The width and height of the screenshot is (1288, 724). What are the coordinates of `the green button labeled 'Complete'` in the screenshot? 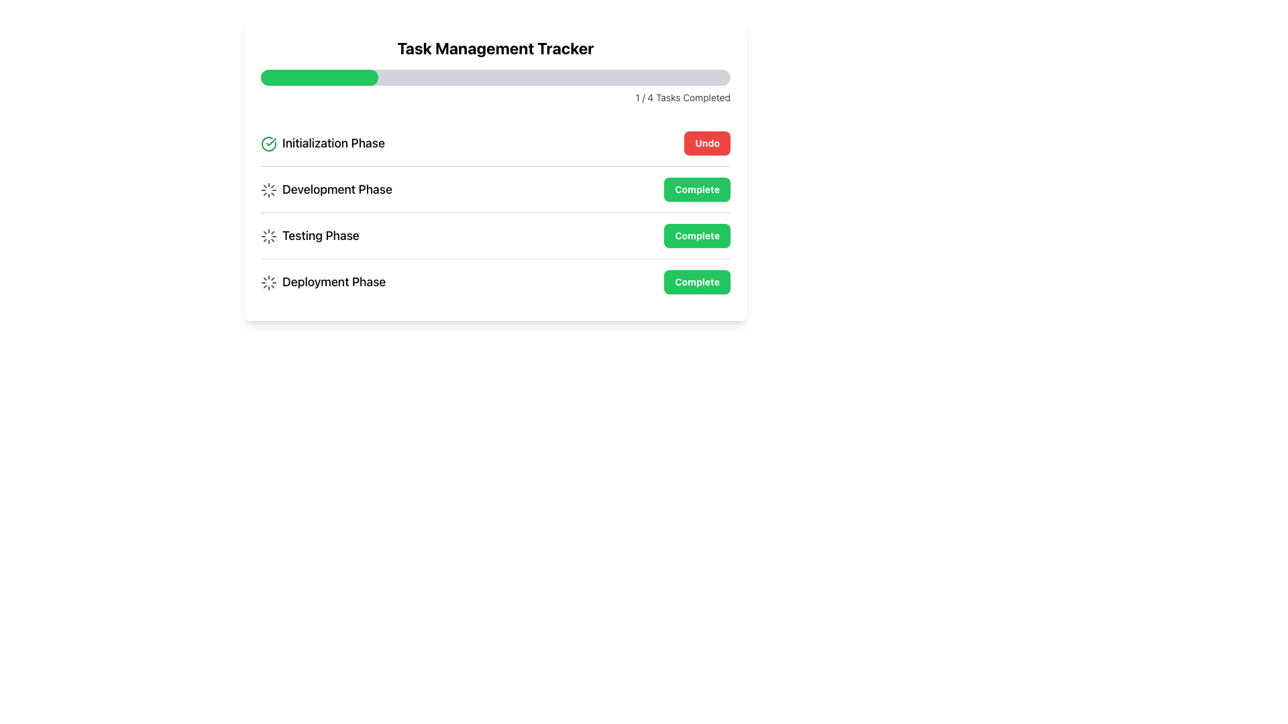 It's located at (697, 235).